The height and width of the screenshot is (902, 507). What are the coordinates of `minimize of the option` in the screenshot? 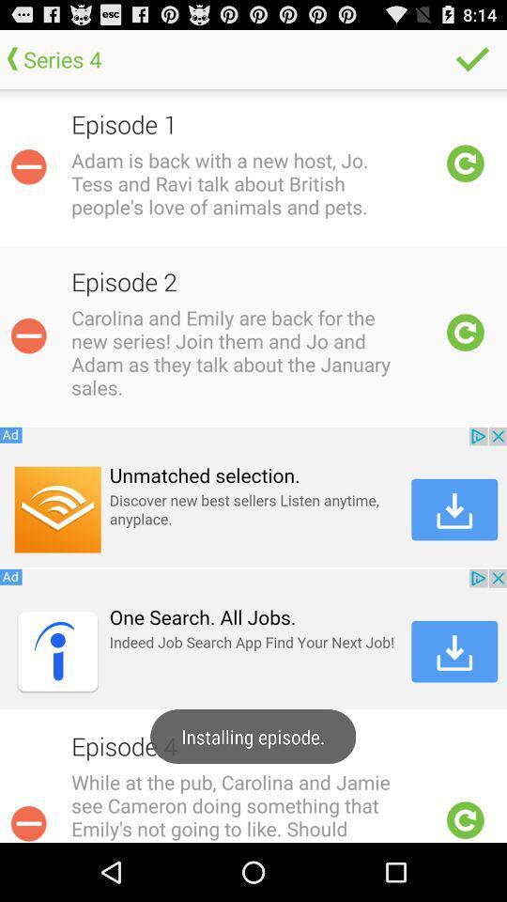 It's located at (27, 820).